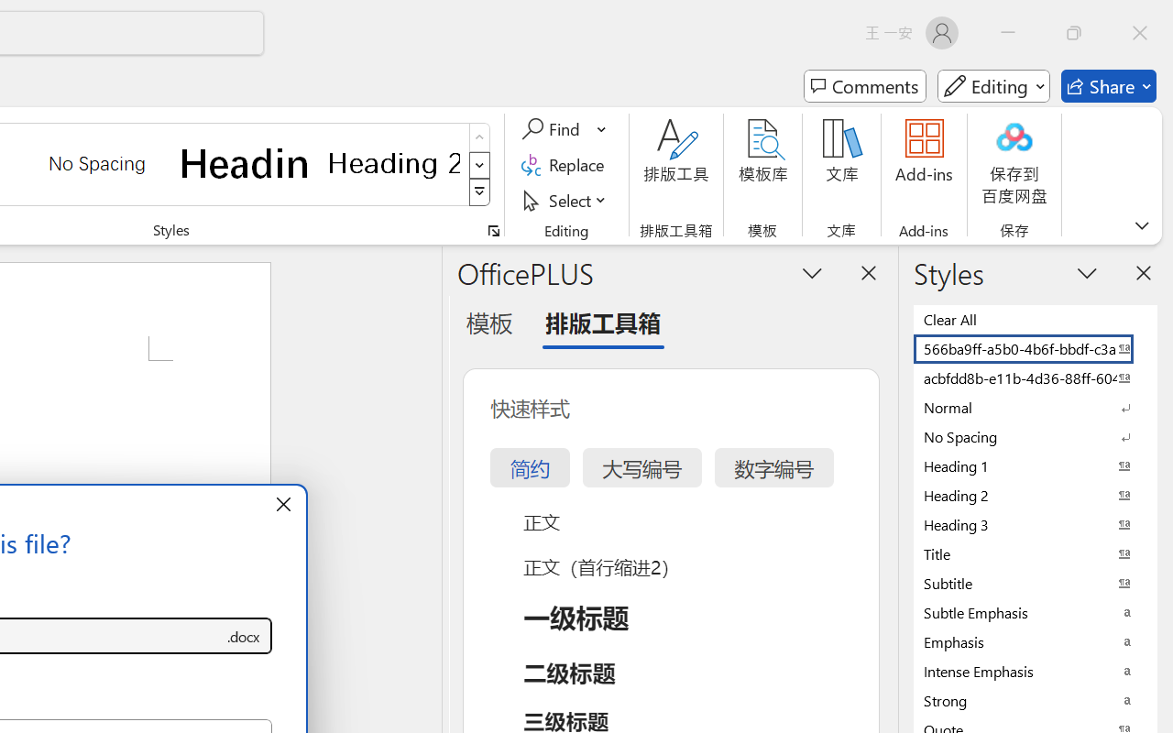 The height and width of the screenshot is (733, 1173). I want to click on 'Task Pane Options', so click(812, 272).